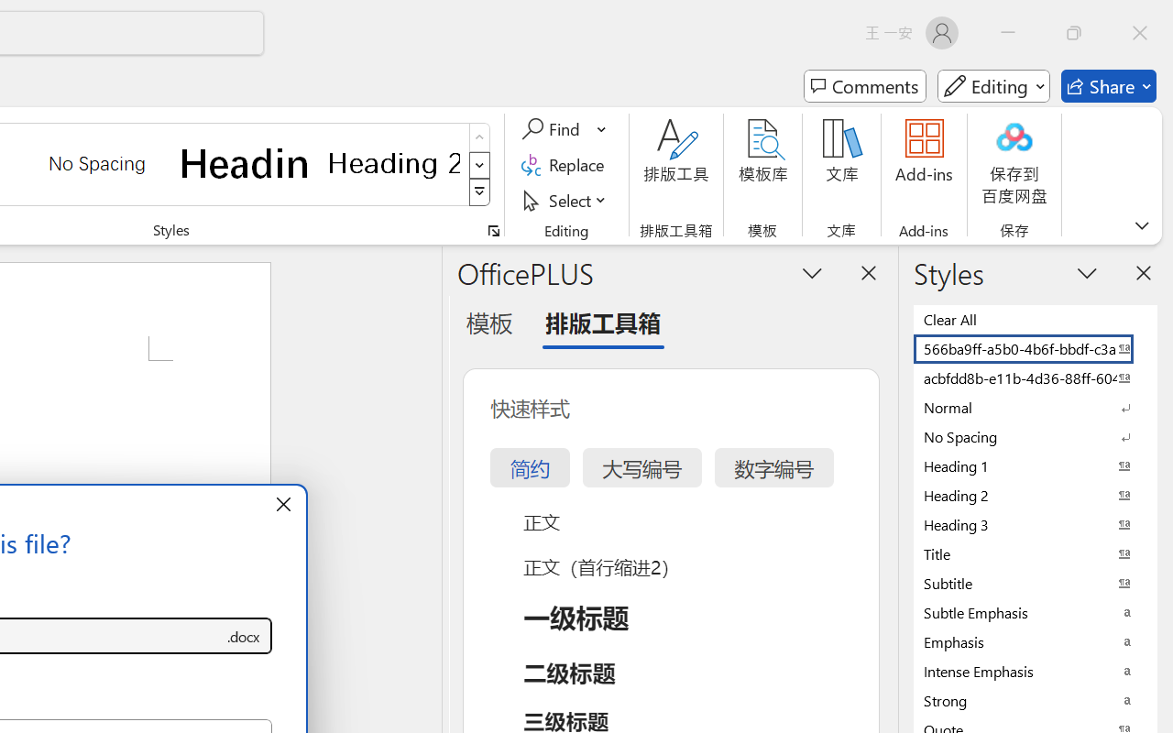 The height and width of the screenshot is (733, 1173). I want to click on 'Task Pane Options', so click(812, 272).